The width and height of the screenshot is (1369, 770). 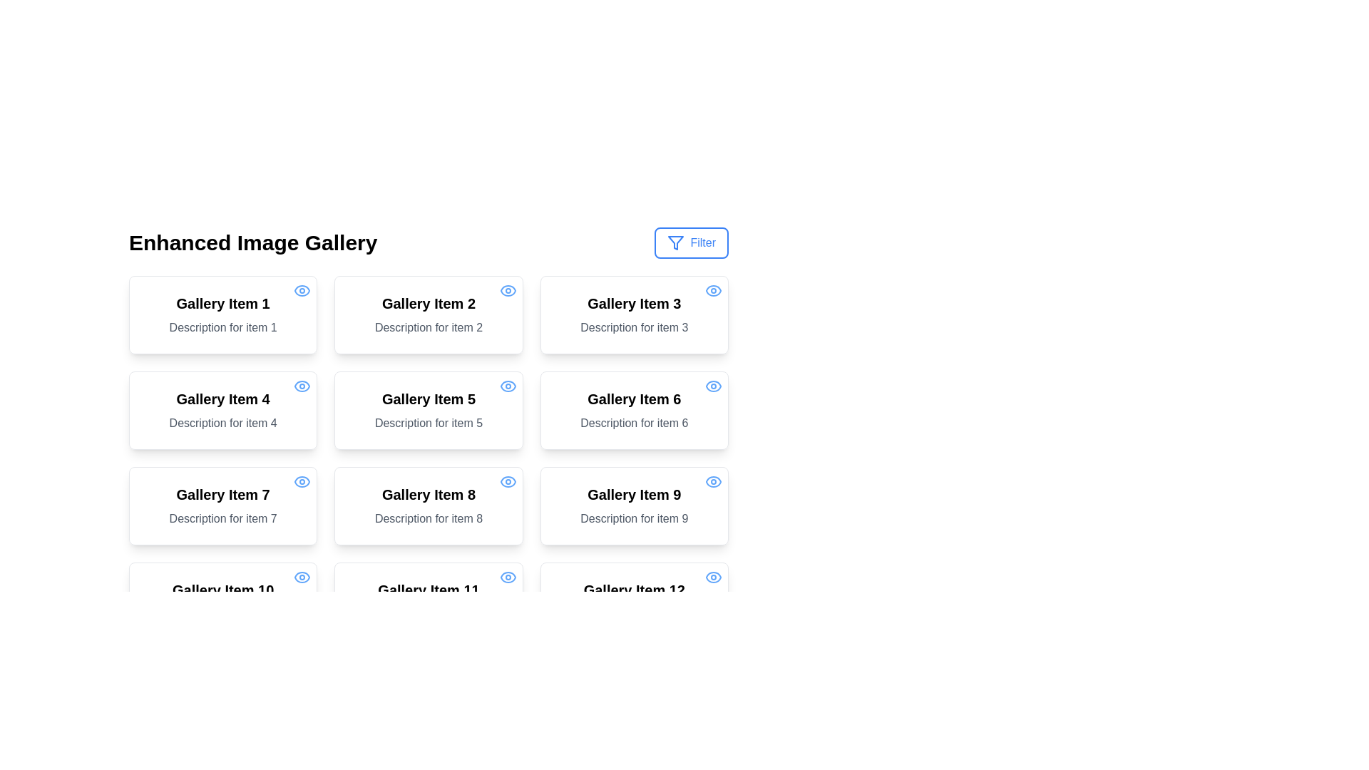 What do you see at coordinates (508, 481) in the screenshot?
I see `the outer boundary shape of the eye icon in the top-right corner of the 'Gallery Item 8' card` at bounding box center [508, 481].